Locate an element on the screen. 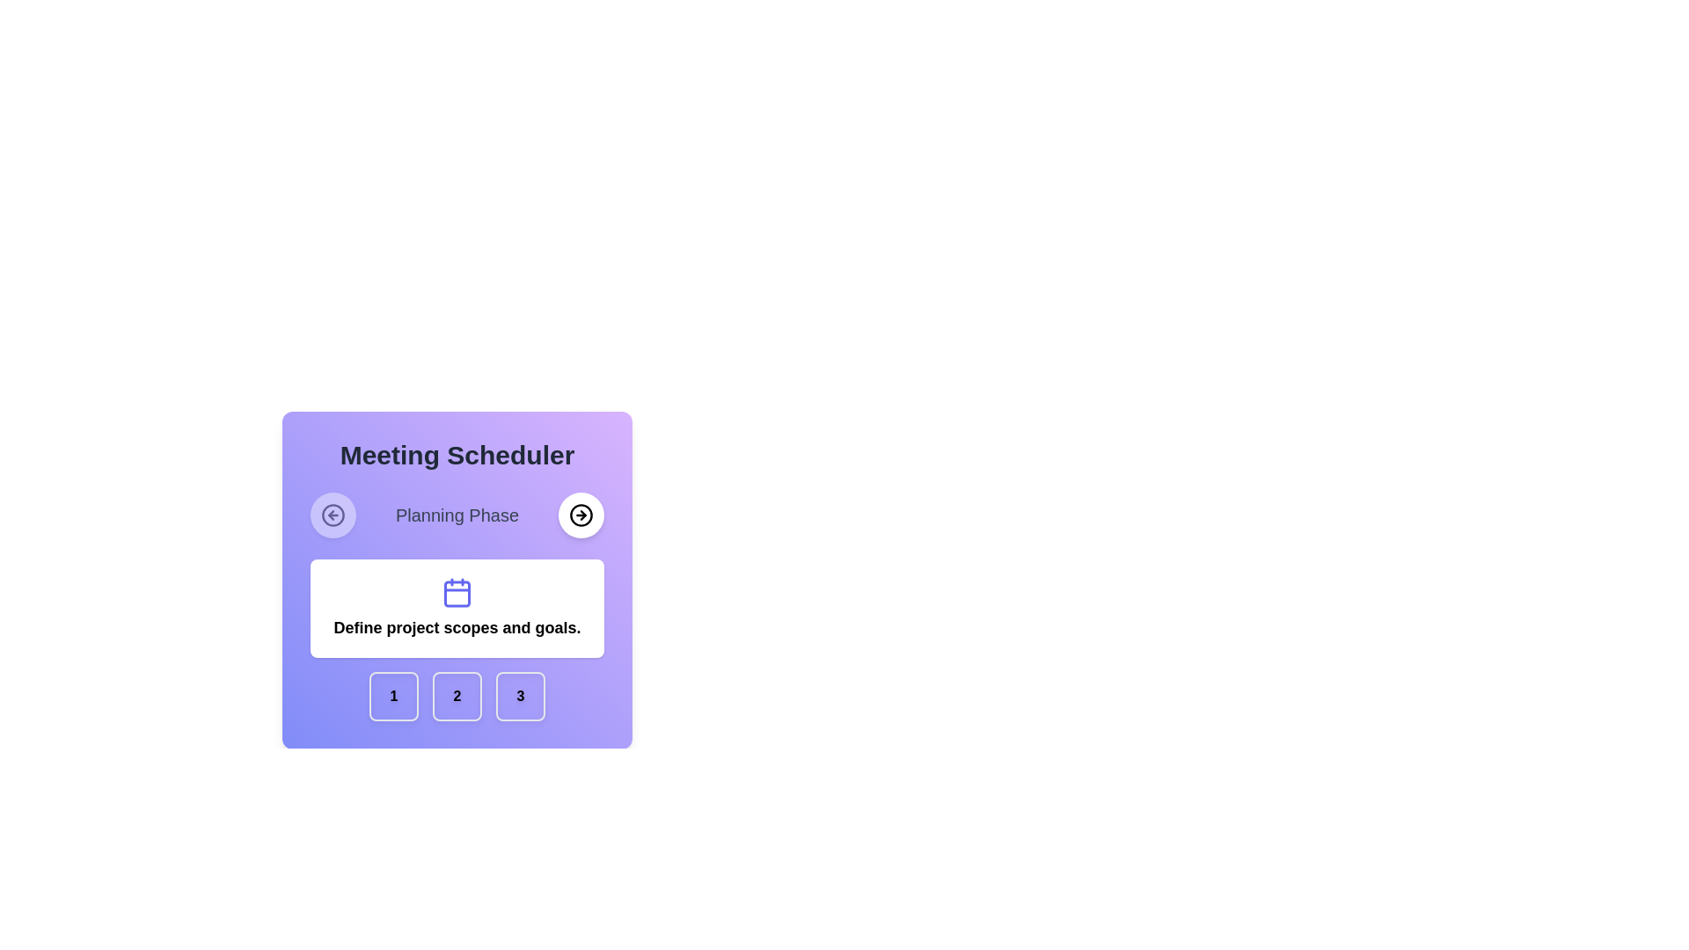 Image resolution: width=1689 pixels, height=950 pixels. the last (third) square button with rounded corners, light purple color, and the number '3' in bold black text is located at coordinates (519, 695).